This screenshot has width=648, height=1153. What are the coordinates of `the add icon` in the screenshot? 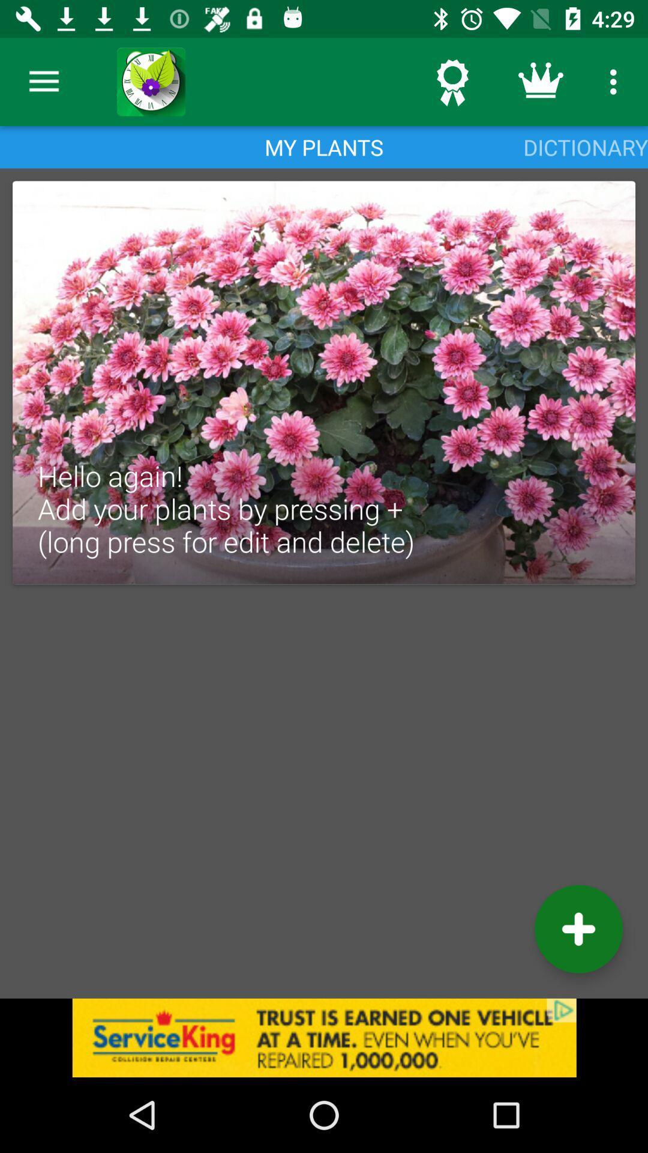 It's located at (578, 928).